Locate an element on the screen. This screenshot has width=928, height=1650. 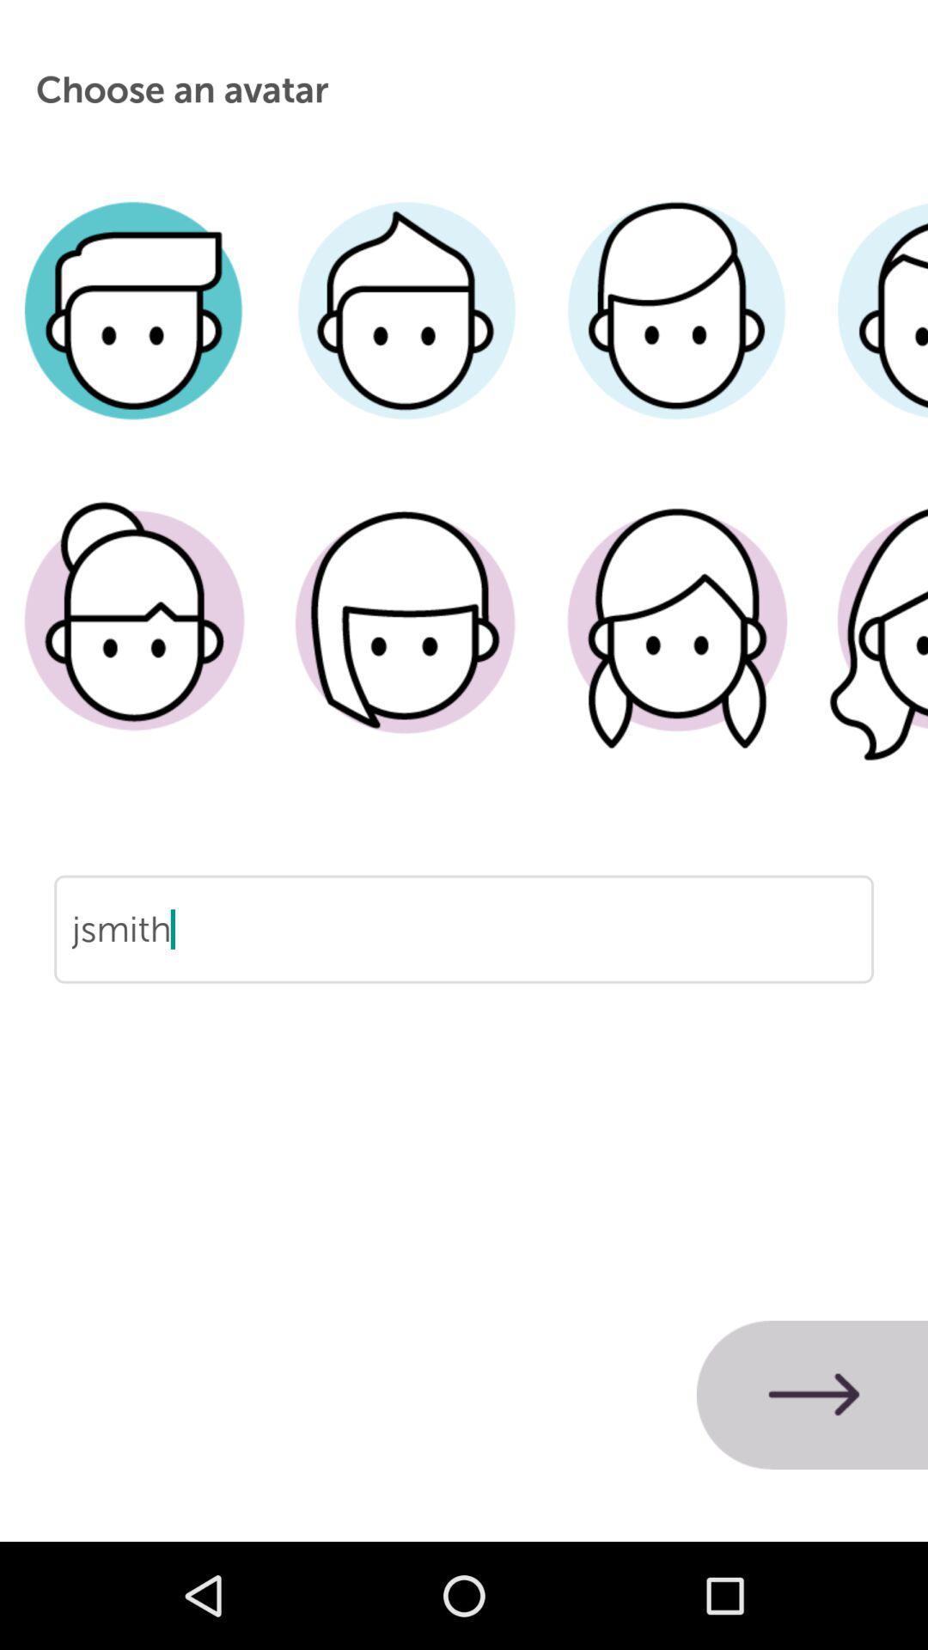
click on avatar is located at coordinates (675, 336).